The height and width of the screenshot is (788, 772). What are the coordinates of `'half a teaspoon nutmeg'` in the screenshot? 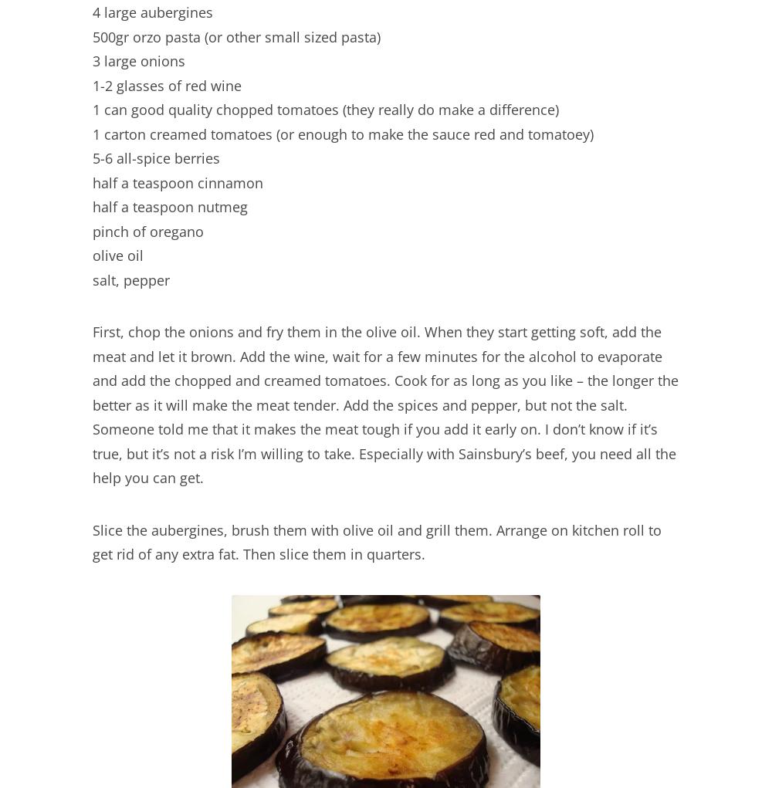 It's located at (169, 206).